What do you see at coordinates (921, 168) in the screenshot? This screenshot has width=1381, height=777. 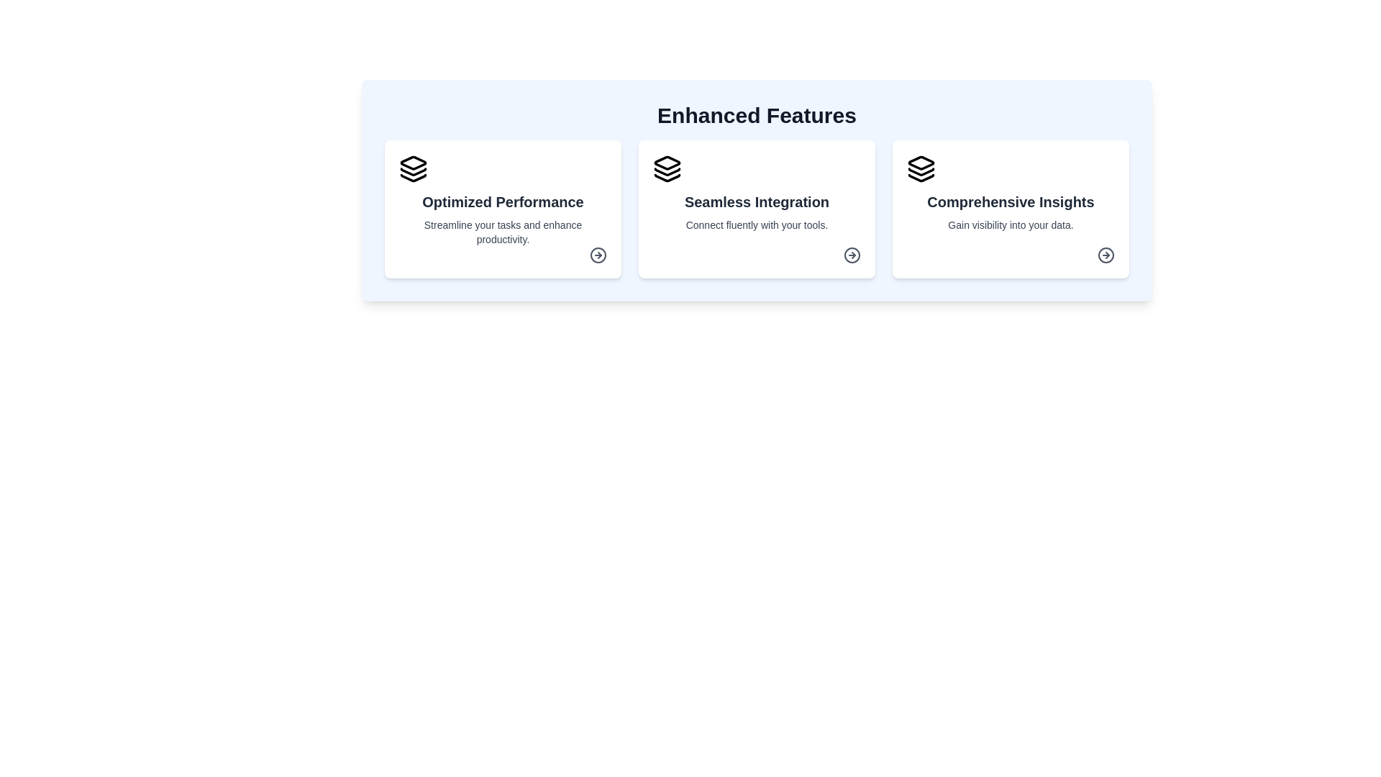 I see `the green and black icon representing layered components, which is located at the top of the 'Comprehensive Insights' card on the far right, above the title text` at bounding box center [921, 168].